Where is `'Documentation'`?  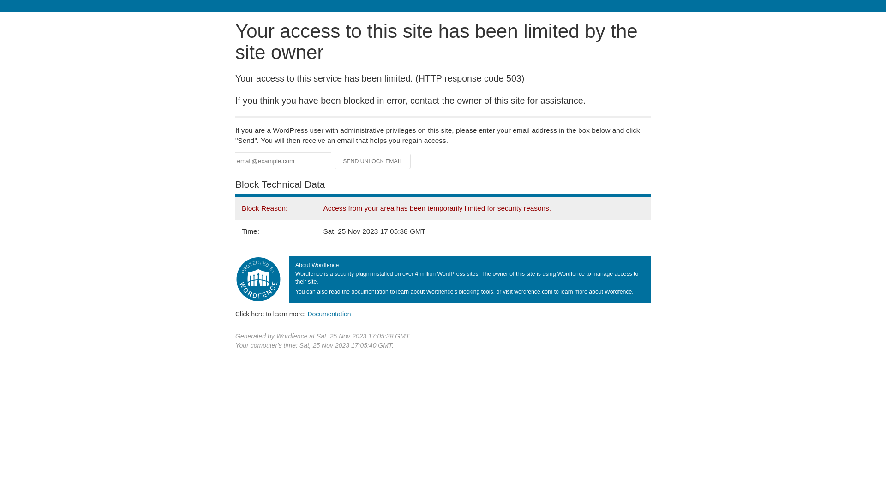 'Documentation' is located at coordinates (307, 314).